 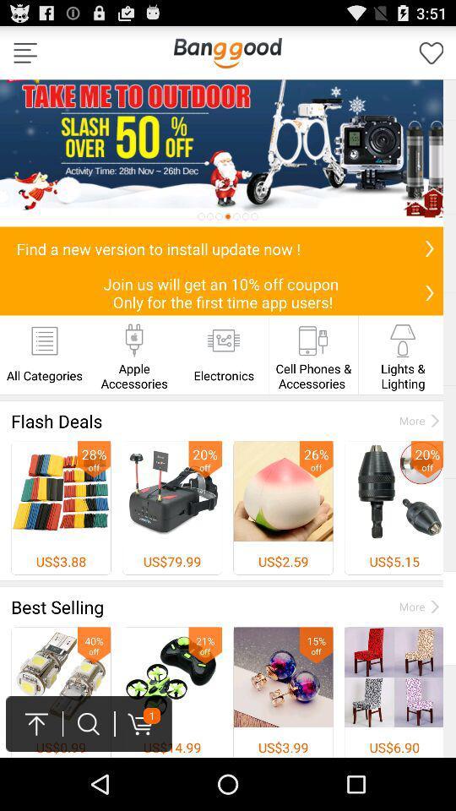 What do you see at coordinates (24, 52) in the screenshot?
I see `open main menu` at bounding box center [24, 52].